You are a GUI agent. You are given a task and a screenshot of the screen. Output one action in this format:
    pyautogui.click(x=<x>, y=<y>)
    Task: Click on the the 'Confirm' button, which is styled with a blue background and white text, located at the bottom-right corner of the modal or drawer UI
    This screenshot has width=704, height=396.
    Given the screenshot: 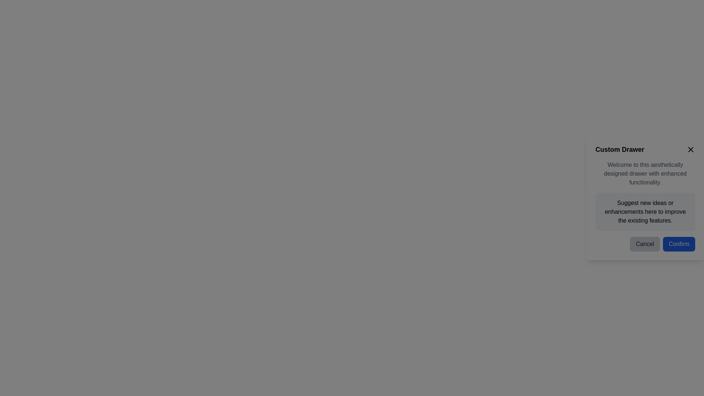 What is the action you would take?
    pyautogui.click(x=679, y=244)
    